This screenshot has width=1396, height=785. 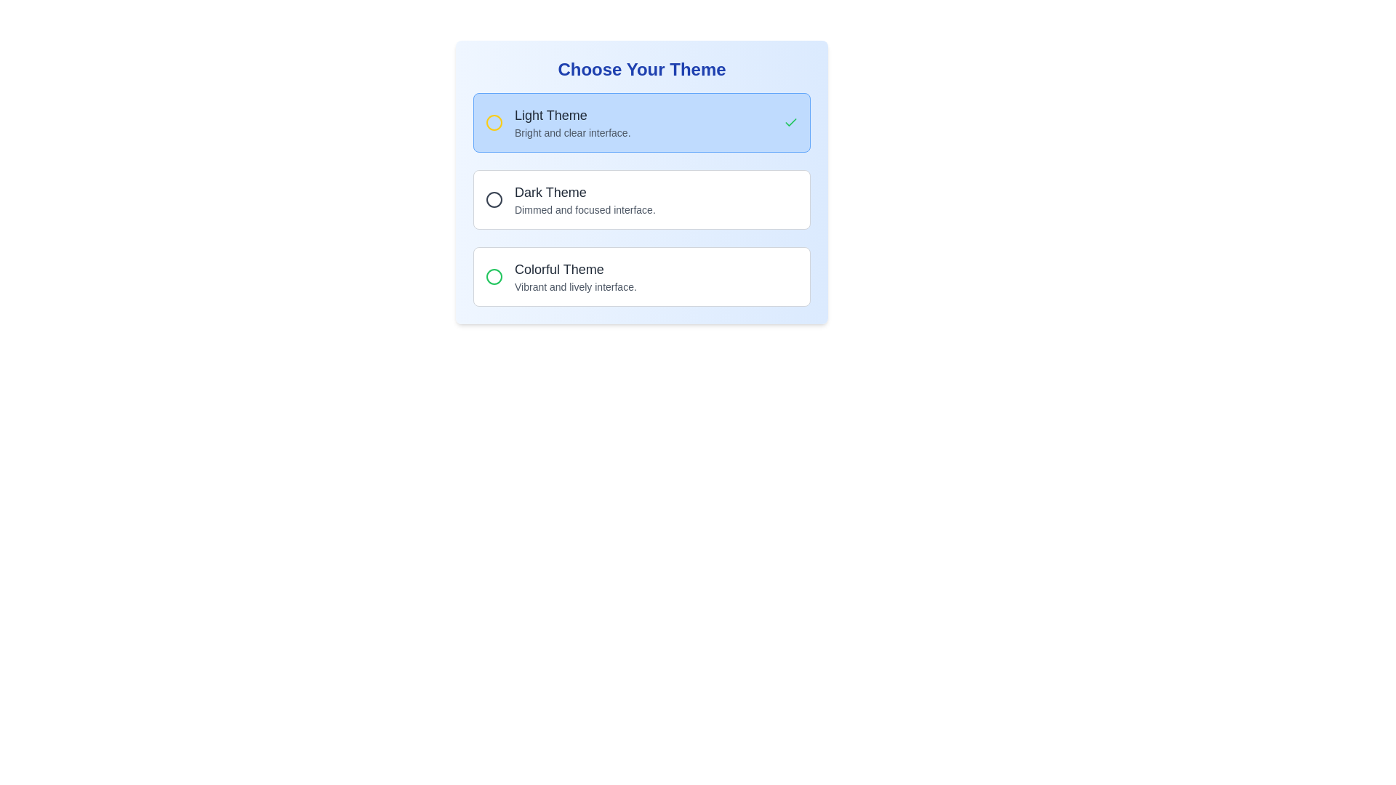 I want to click on the icon, so click(x=494, y=277).